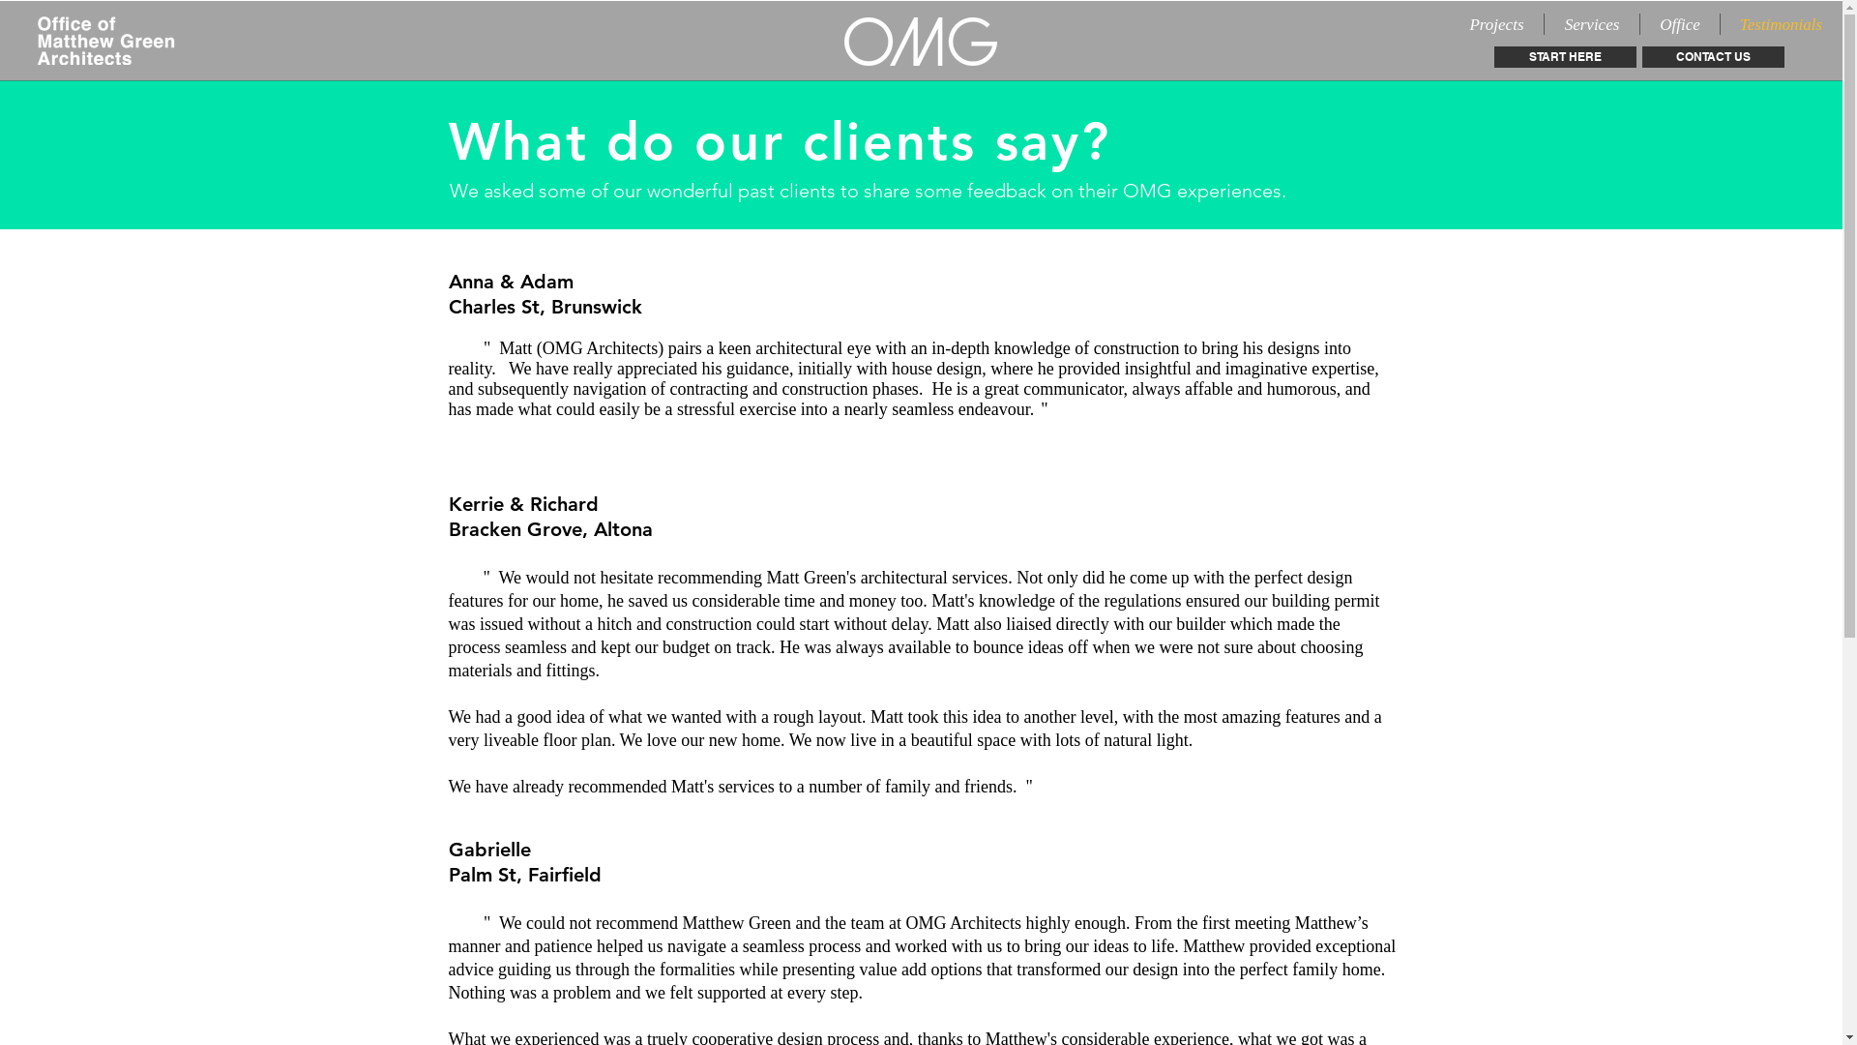 This screenshot has width=1857, height=1045. Describe the element at coordinates (1780, 23) in the screenshot. I see `'Testimonials'` at that location.